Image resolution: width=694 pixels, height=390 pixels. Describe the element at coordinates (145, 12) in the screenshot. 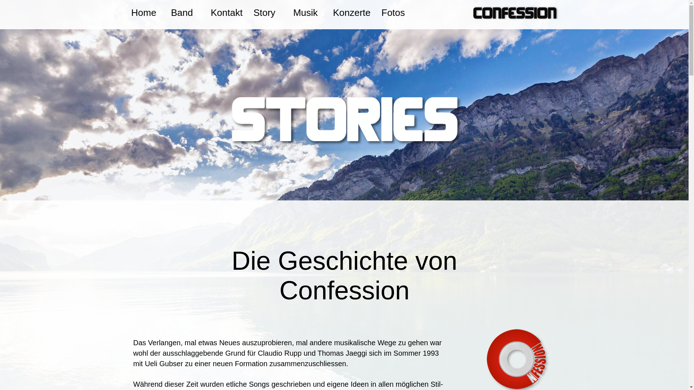

I see `'Home'` at that location.